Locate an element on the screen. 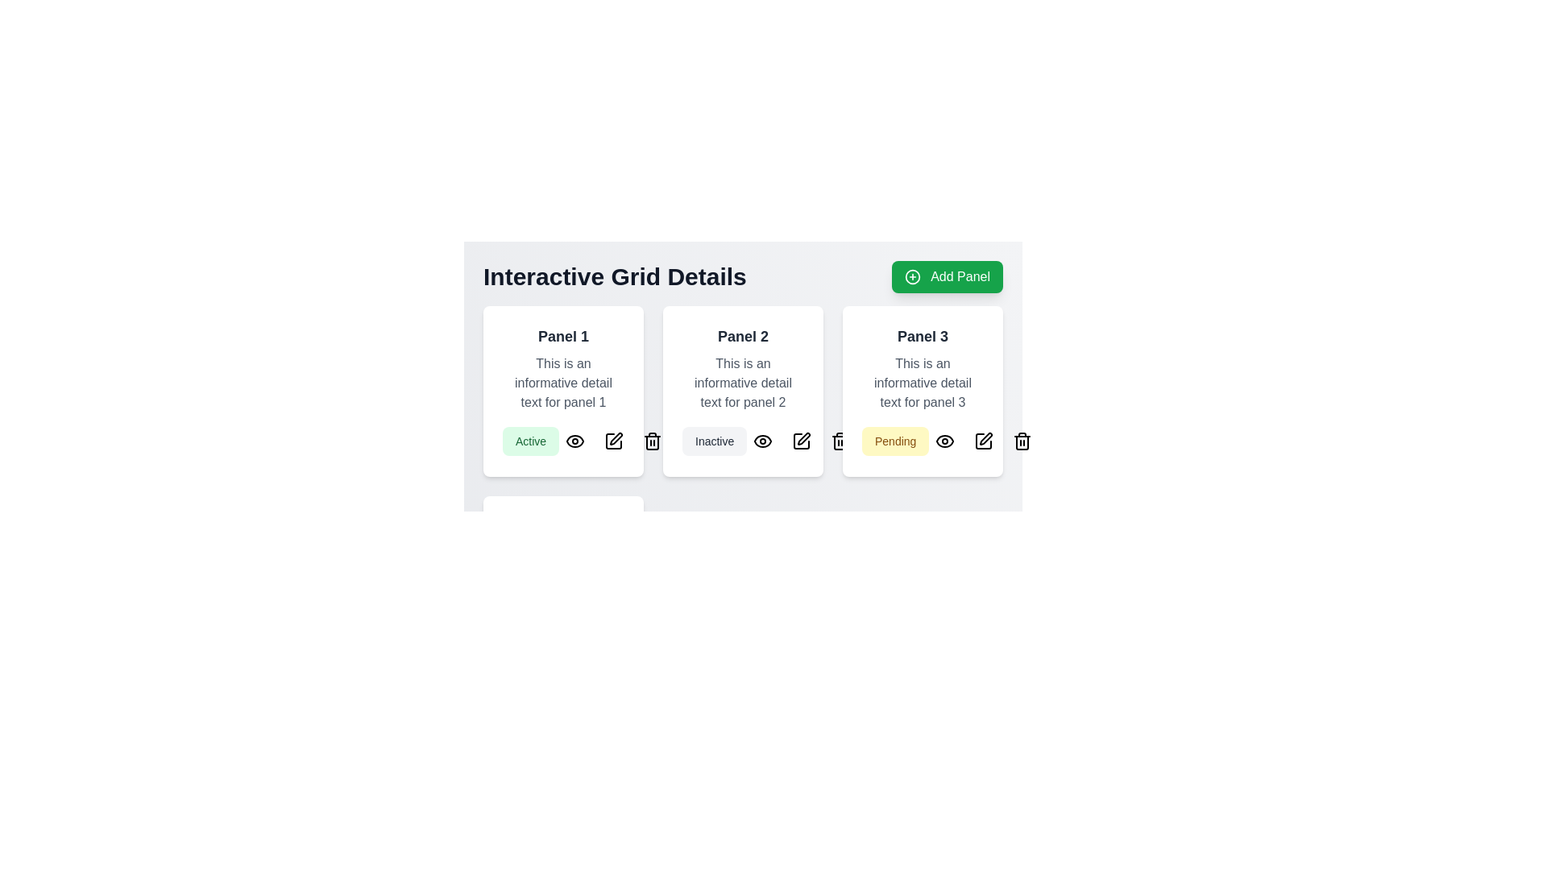 This screenshot has width=1547, height=870. the 'Pending' status label located at the bottom of 'Panel 3', which is part of a three-panel grid is located at coordinates (923, 441).